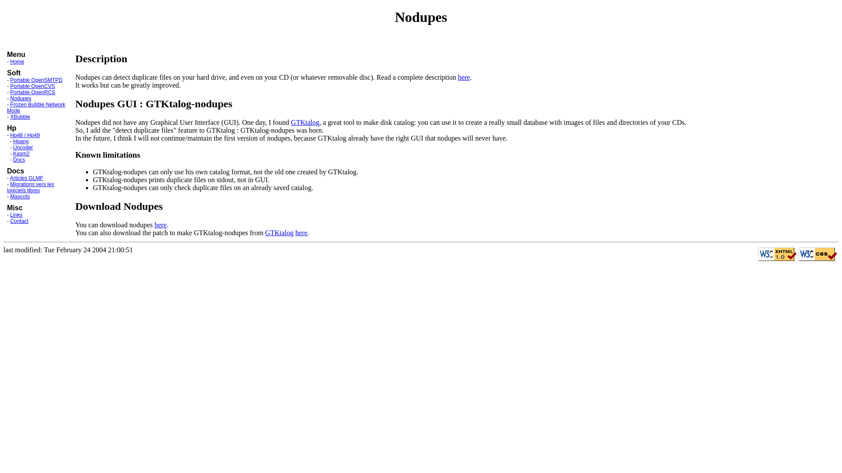  What do you see at coordinates (20, 196) in the screenshot?
I see `'Mascots'` at bounding box center [20, 196].